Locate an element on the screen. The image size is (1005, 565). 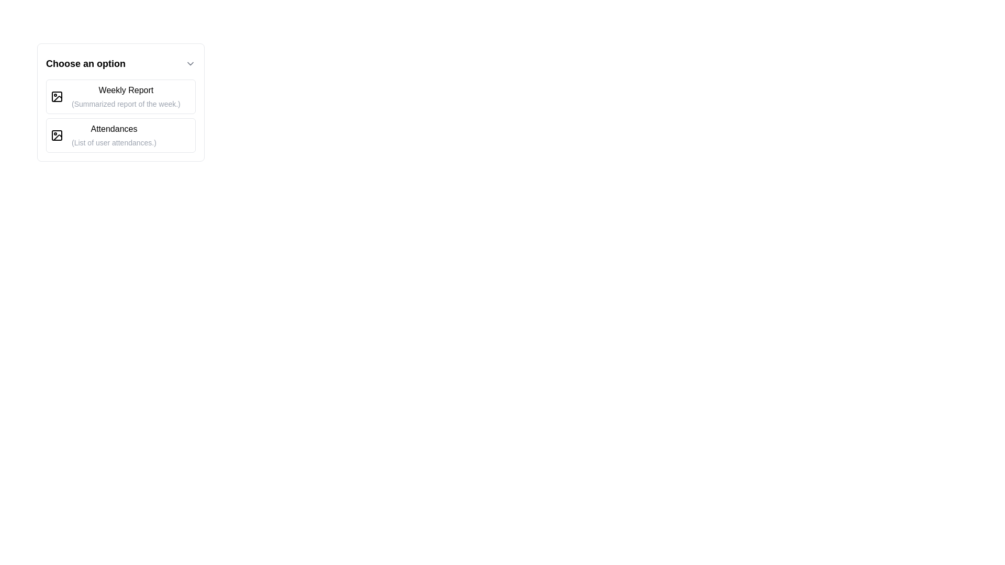
the title text reading 'Weekly Report' which is positioned in the upper-left quadrant of the interface within the option block is located at coordinates (126, 89).